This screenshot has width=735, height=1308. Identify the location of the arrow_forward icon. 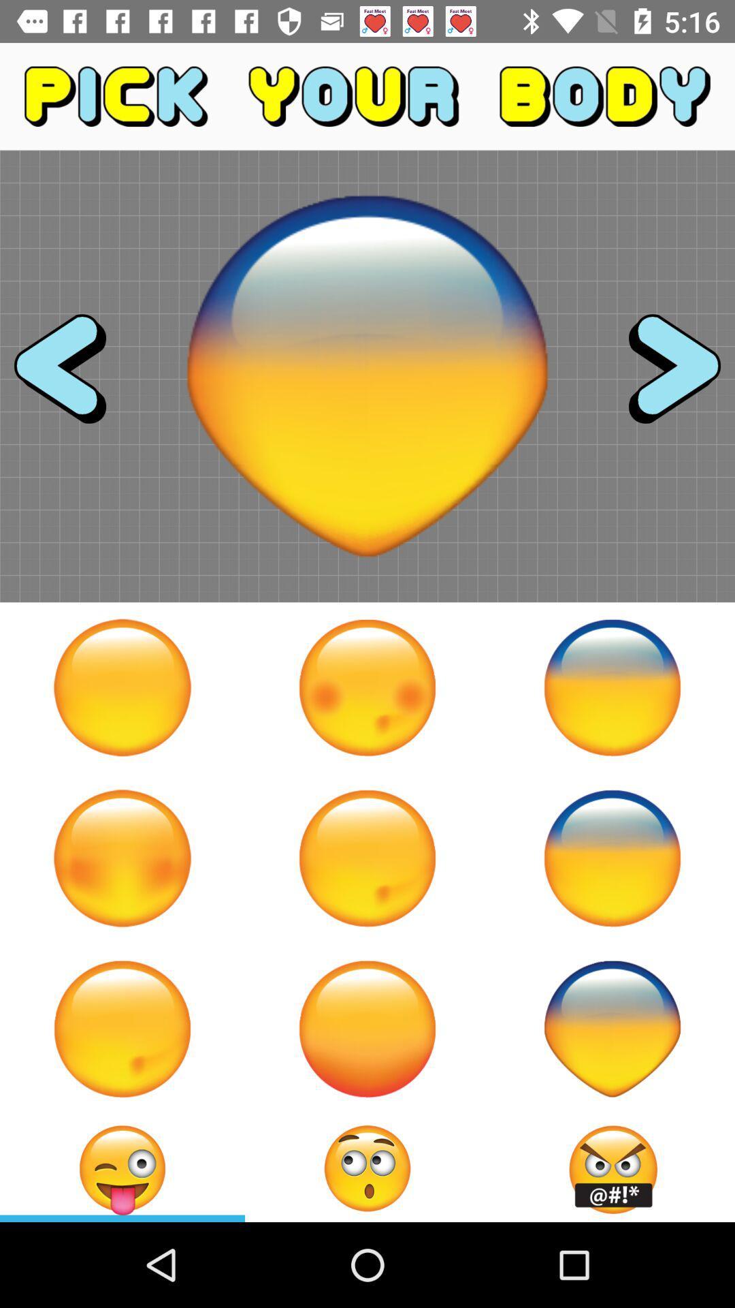
(661, 376).